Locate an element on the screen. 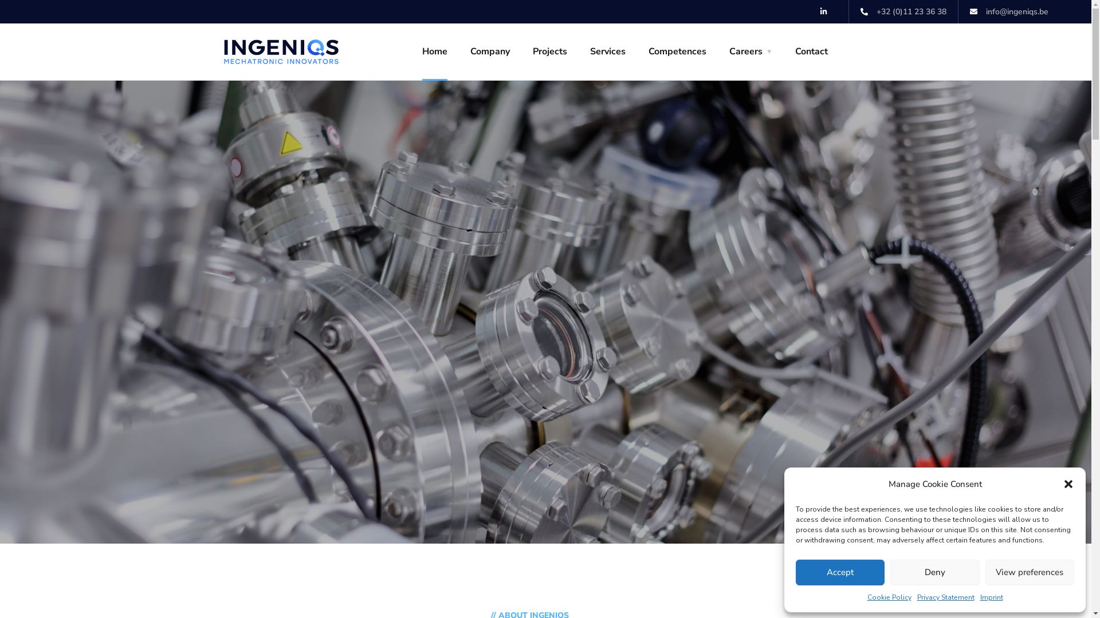 The height and width of the screenshot is (618, 1100). 'Services' is located at coordinates (607, 51).